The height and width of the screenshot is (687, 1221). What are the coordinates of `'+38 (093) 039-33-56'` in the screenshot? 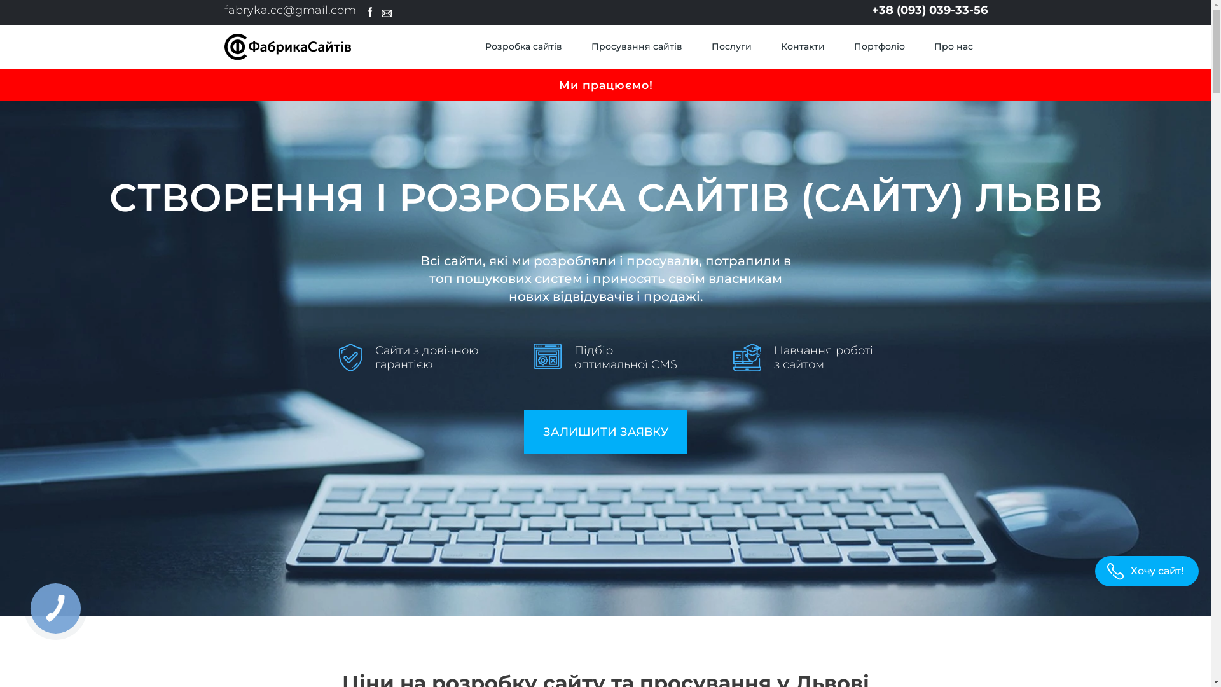 It's located at (870, 10).